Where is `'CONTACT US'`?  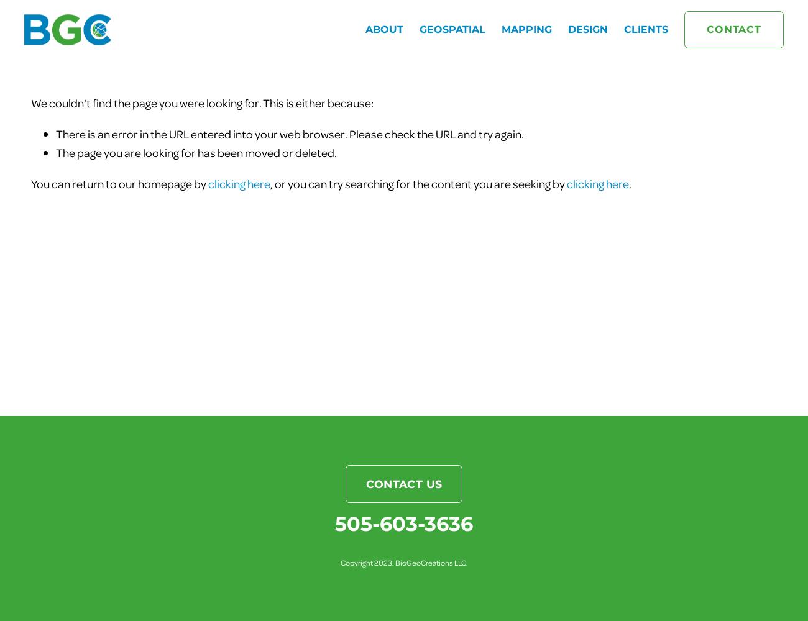 'CONTACT US' is located at coordinates (403, 484).